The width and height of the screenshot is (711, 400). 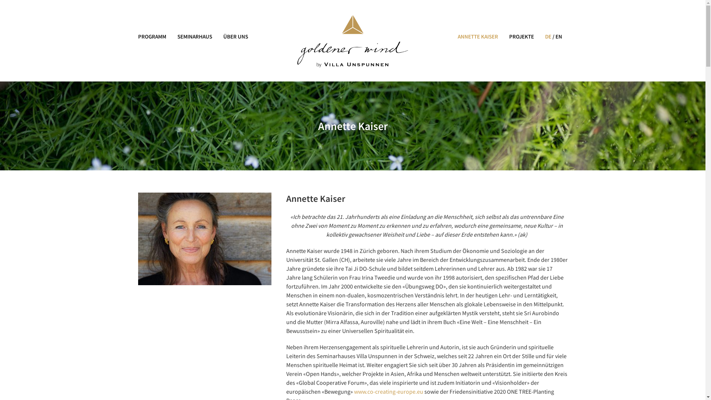 What do you see at coordinates (388, 391) in the screenshot?
I see `'www.co-creating-europe.eu'` at bounding box center [388, 391].